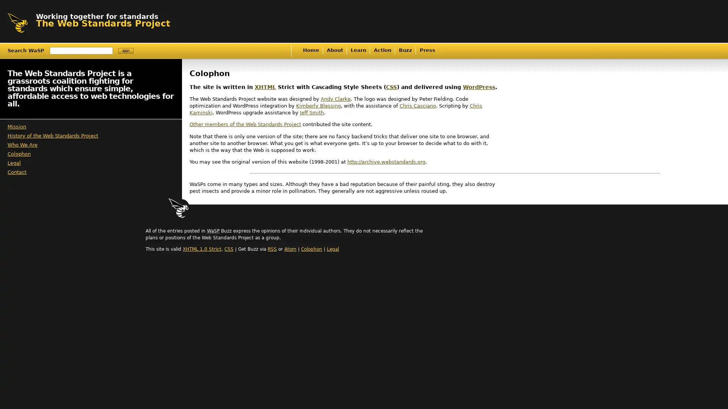  I want to click on Go!, so click(126, 51).